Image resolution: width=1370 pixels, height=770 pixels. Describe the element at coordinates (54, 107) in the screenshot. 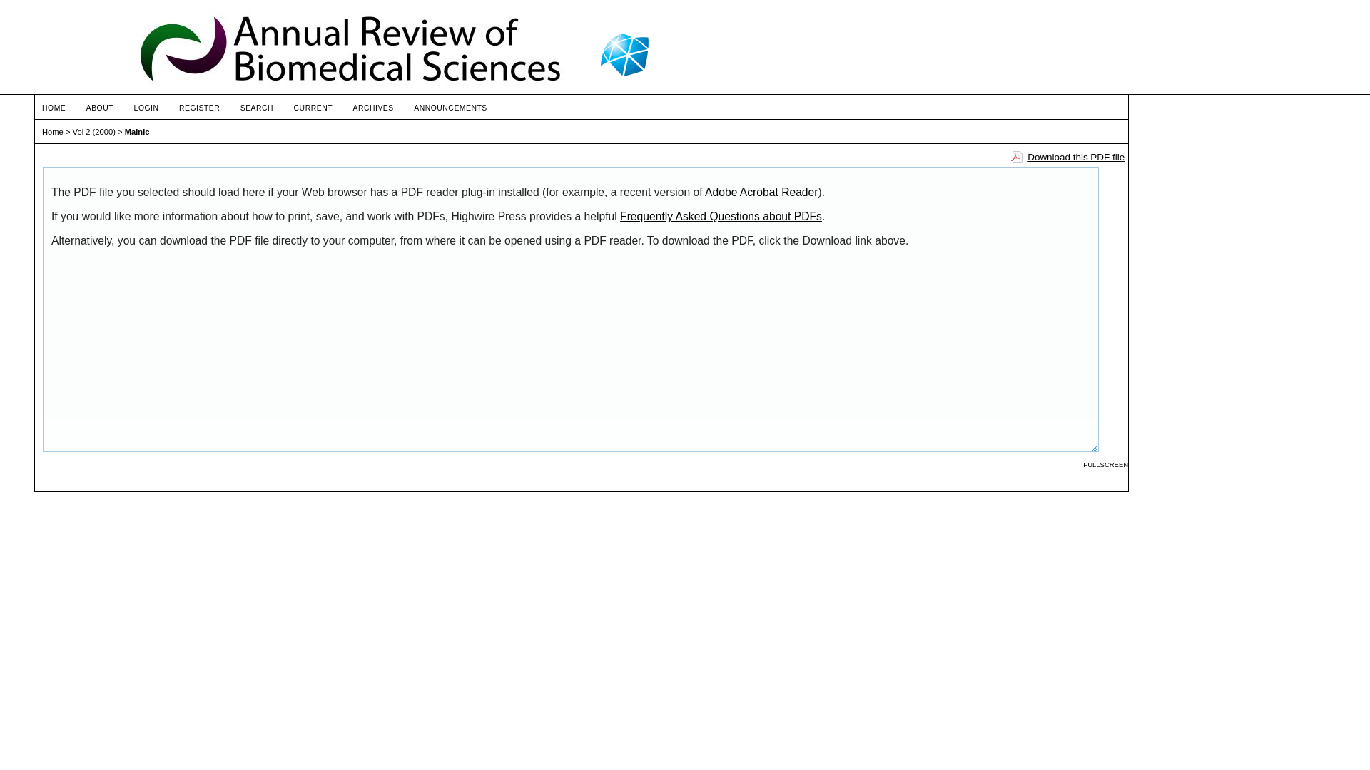

I see `'HOME'` at that location.